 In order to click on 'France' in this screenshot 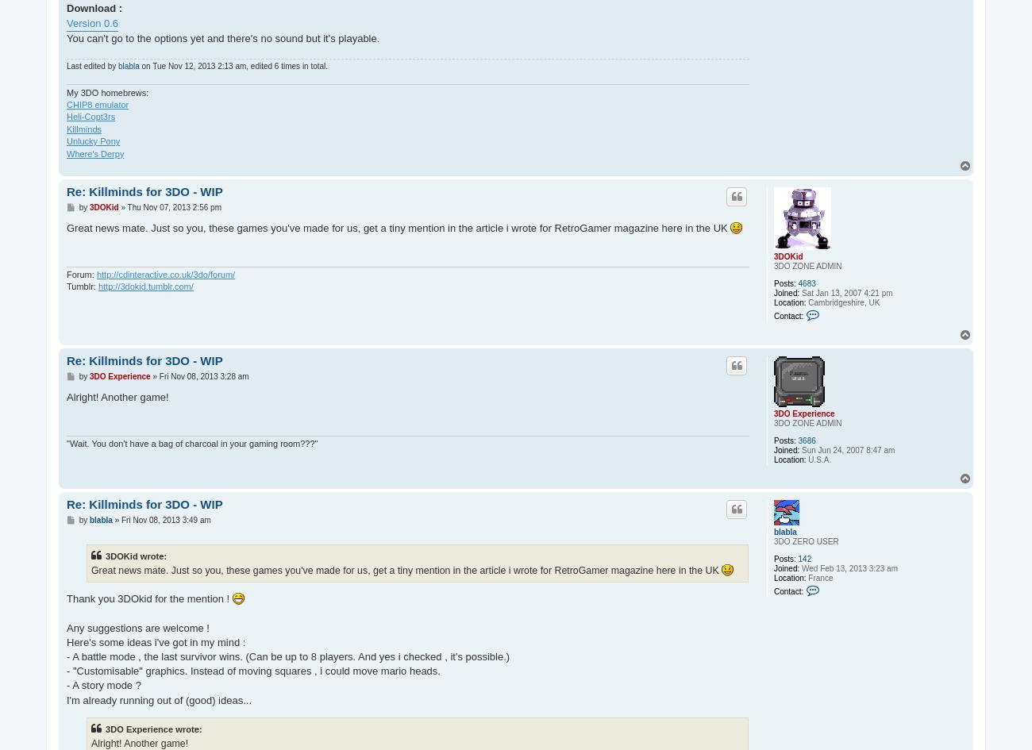, I will do `click(818, 577)`.